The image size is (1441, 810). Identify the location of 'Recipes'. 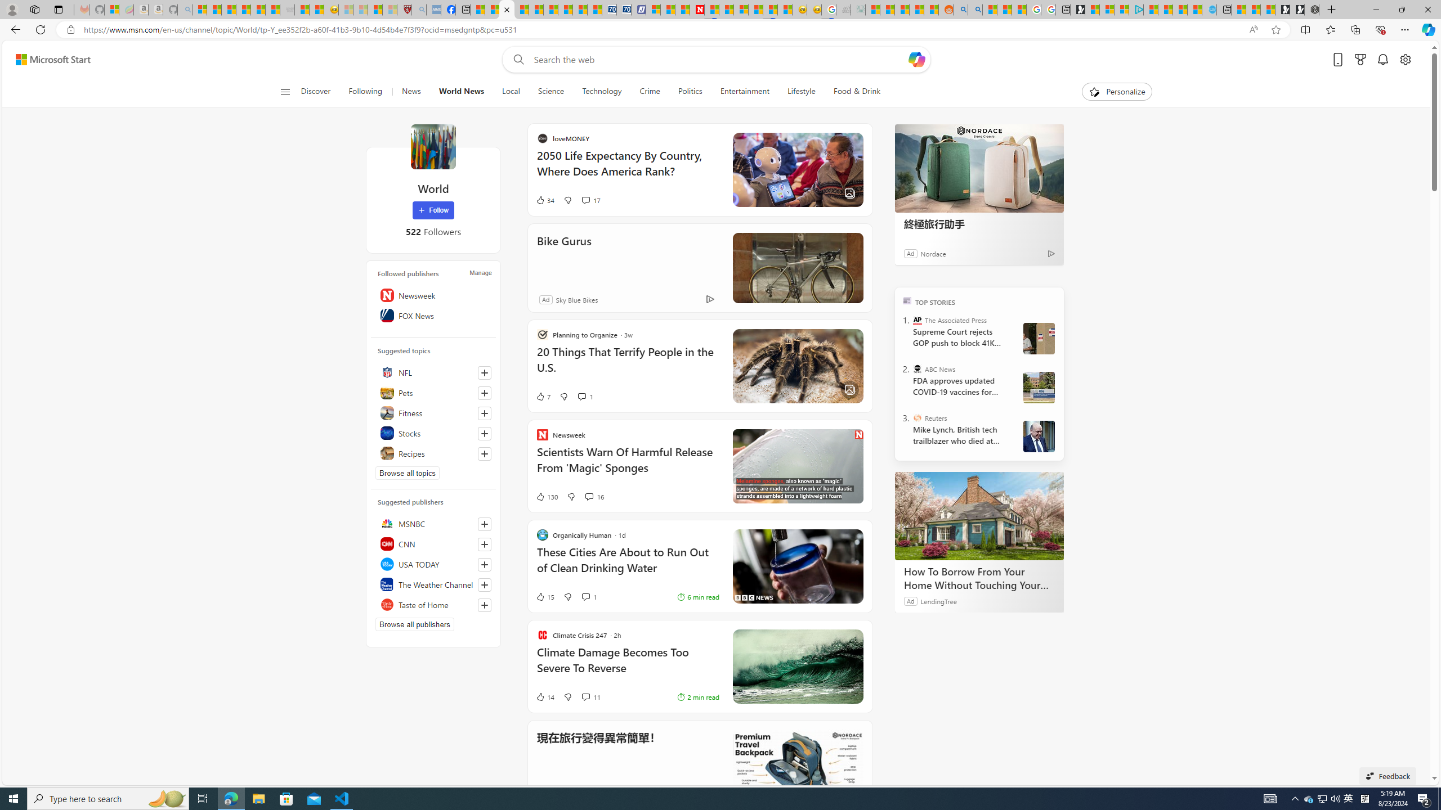
(433, 453).